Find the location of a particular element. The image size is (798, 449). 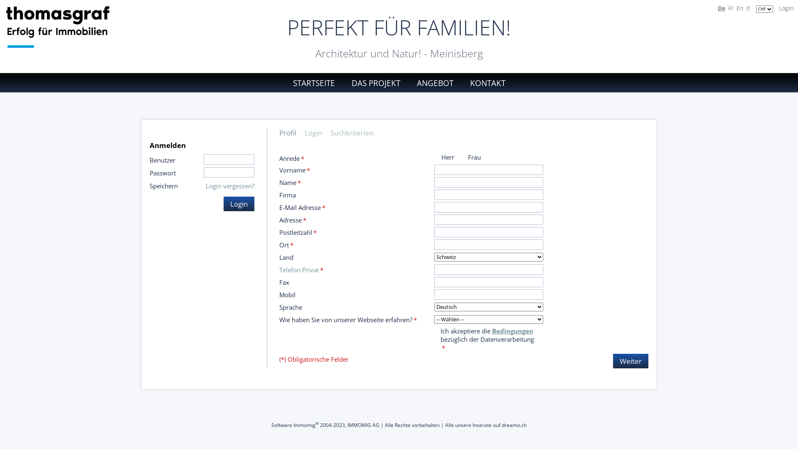

'Login vergessen?' is located at coordinates (230, 185).